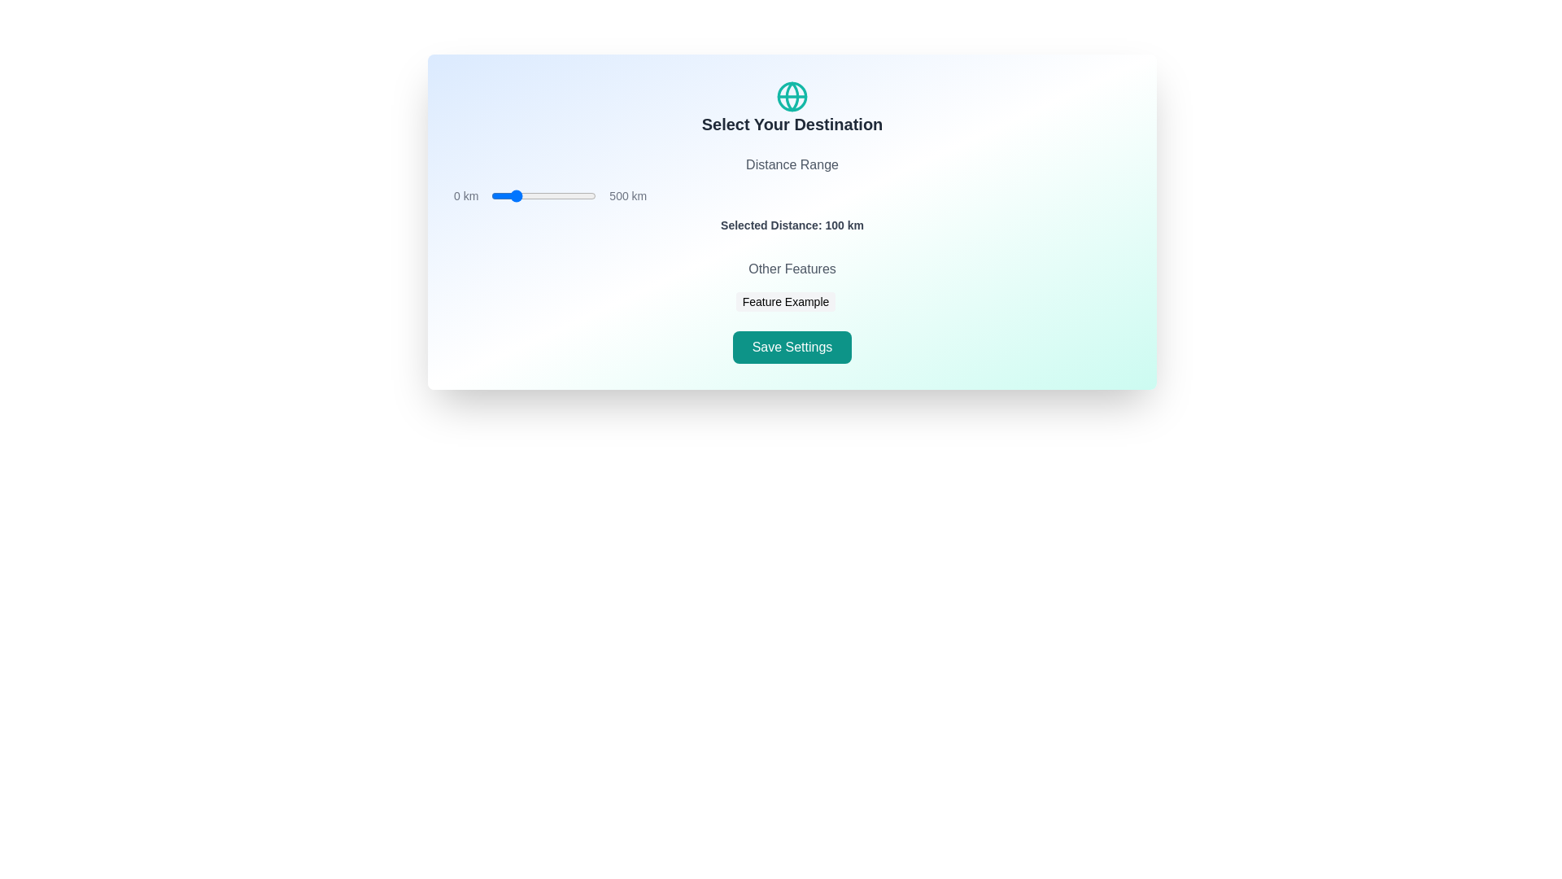 The width and height of the screenshot is (1562, 879). Describe the element at coordinates (560, 195) in the screenshot. I see `the distance range slider to set the distance to 325 km` at that location.